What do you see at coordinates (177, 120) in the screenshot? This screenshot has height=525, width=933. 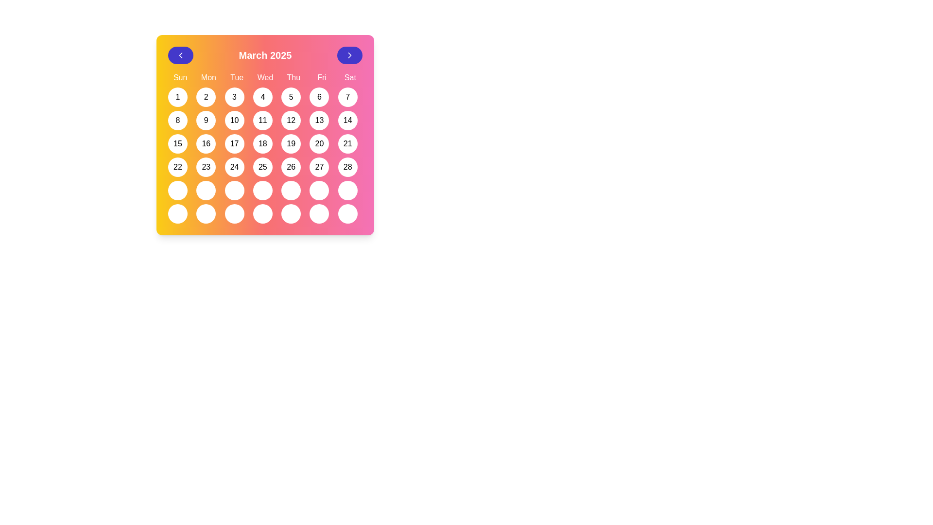 I see `the circular button displaying the number '8' in the calendar grid layout located in the second row and first column beneath the 'Sun' header` at bounding box center [177, 120].